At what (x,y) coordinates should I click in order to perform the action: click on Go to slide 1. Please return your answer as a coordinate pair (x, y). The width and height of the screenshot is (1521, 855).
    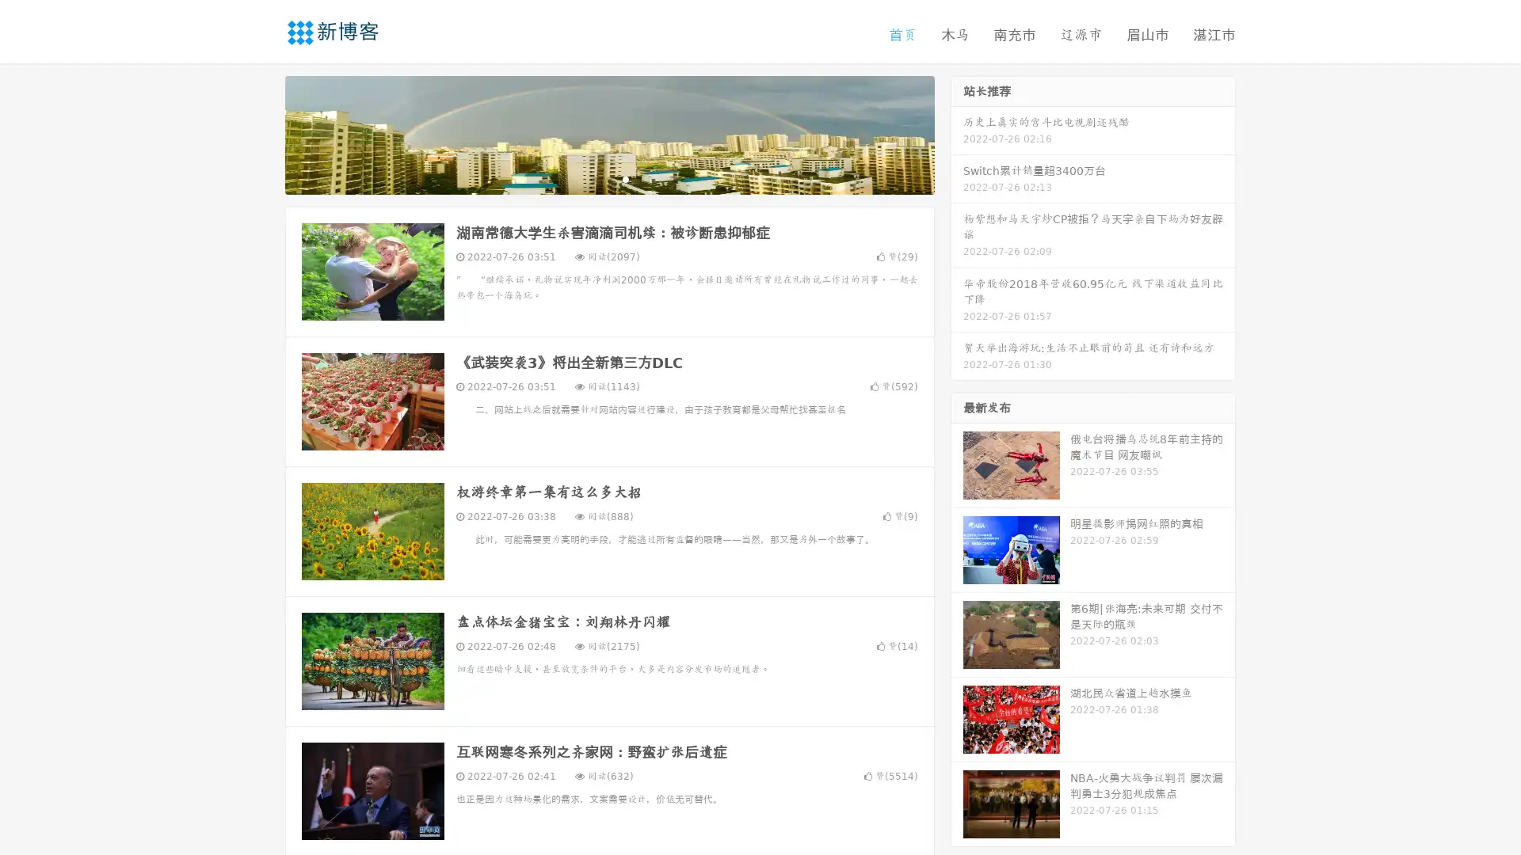
    Looking at the image, I should click on (593, 178).